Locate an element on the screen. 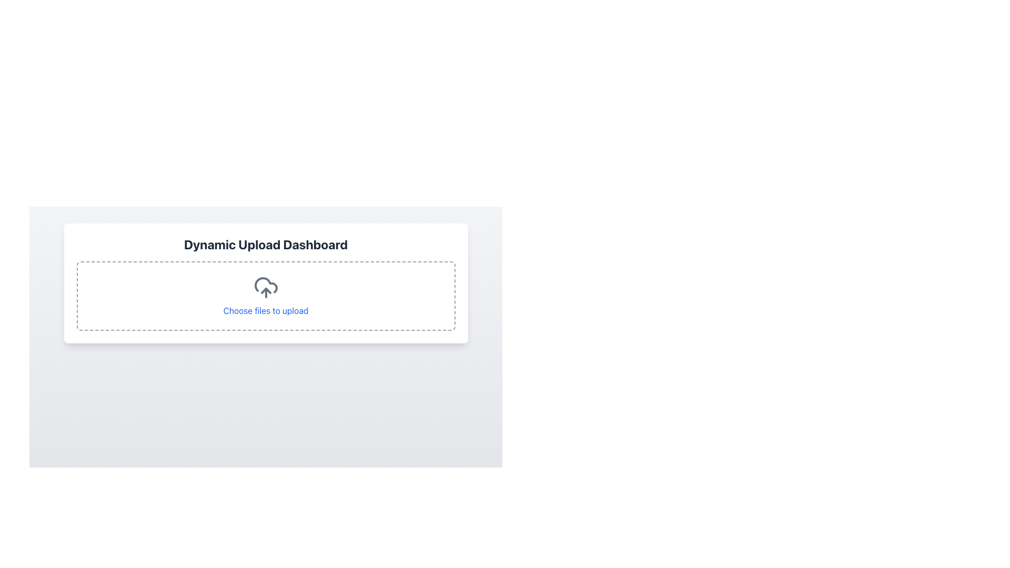 The width and height of the screenshot is (1010, 568). the file upload area located centrally within the 'Dynamic Upload Dashboard' card is located at coordinates (266, 296).